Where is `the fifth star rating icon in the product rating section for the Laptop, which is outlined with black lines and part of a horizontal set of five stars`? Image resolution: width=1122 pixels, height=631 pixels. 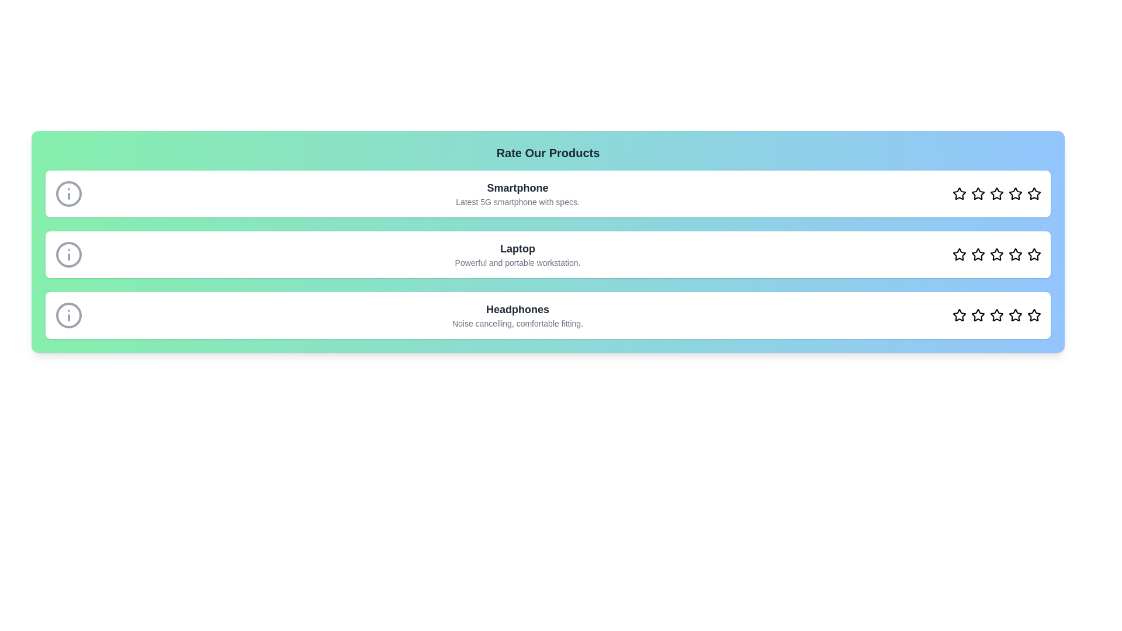
the fifth star rating icon in the product rating section for the Laptop, which is outlined with black lines and part of a horizontal set of five stars is located at coordinates (1034, 254).